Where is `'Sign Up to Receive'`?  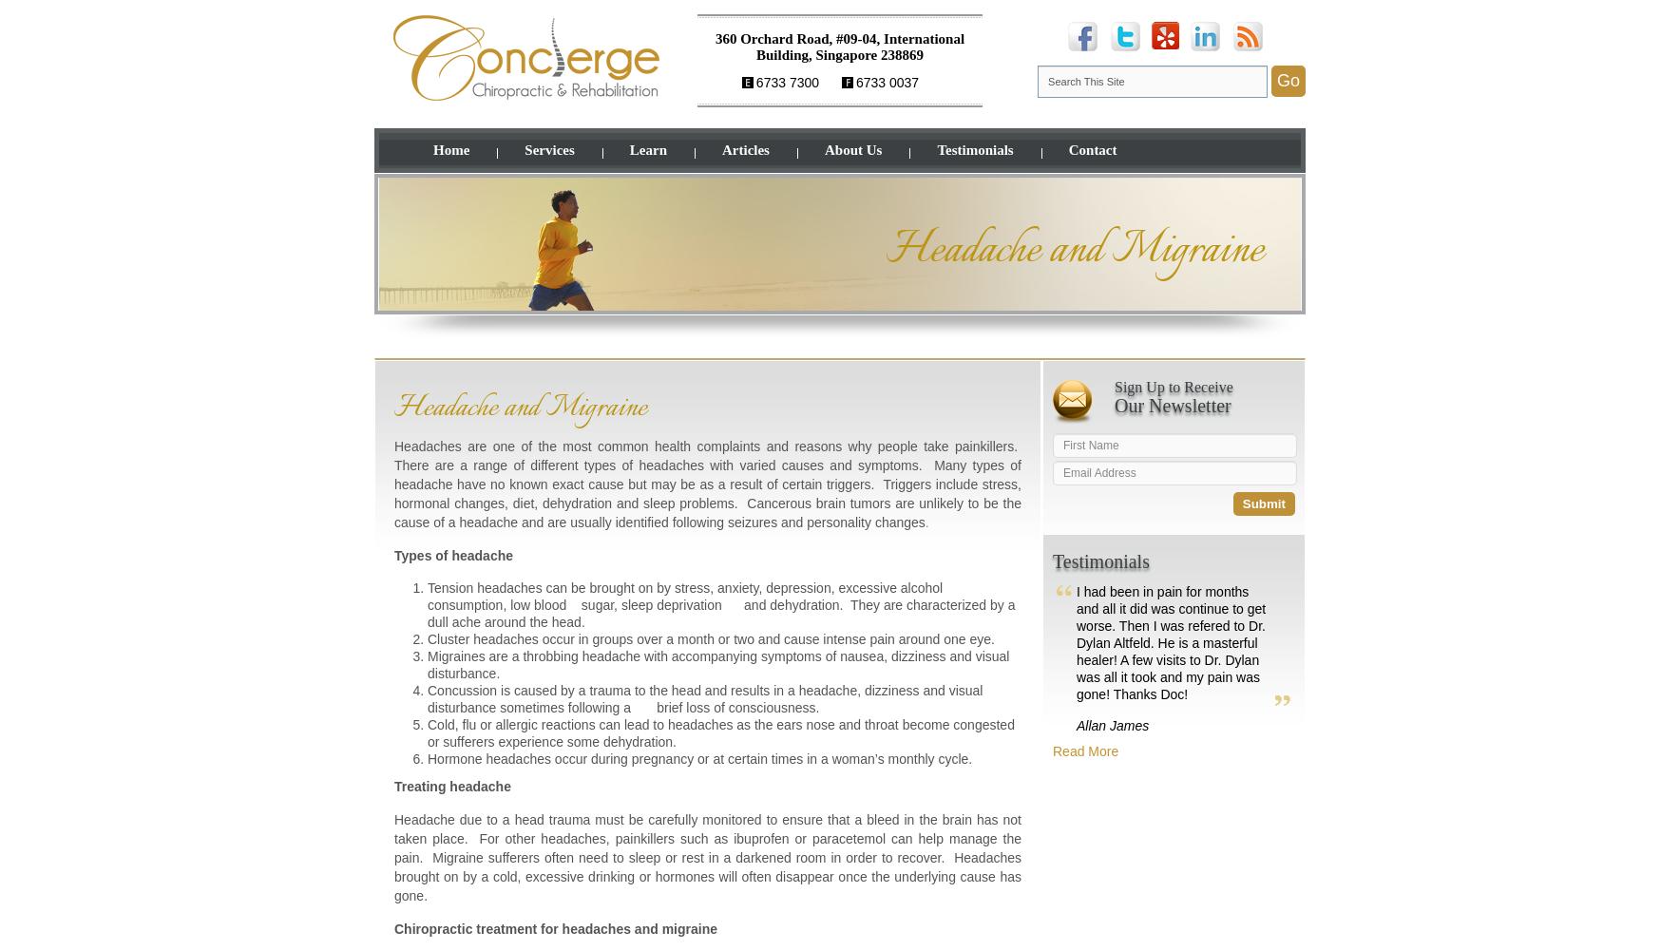 'Sign Up to Receive' is located at coordinates (1173, 387).